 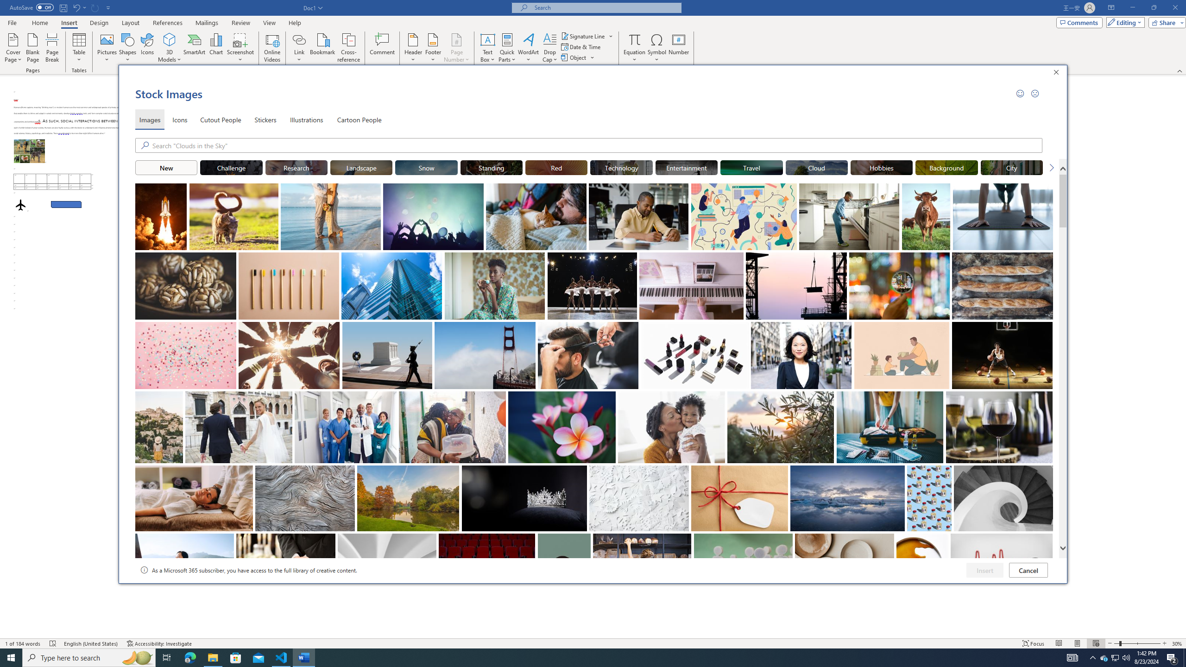 I want to click on 'AutomationID: 4105', so click(x=1104, y=657).